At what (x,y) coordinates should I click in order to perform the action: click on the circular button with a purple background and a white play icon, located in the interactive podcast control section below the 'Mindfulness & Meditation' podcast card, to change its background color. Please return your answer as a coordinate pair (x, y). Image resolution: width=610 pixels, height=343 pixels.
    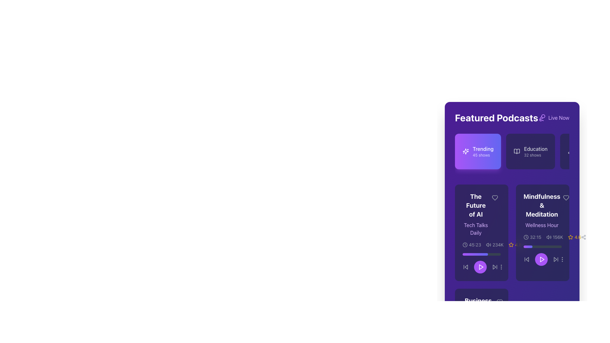
    Looking at the image, I should click on (542, 259).